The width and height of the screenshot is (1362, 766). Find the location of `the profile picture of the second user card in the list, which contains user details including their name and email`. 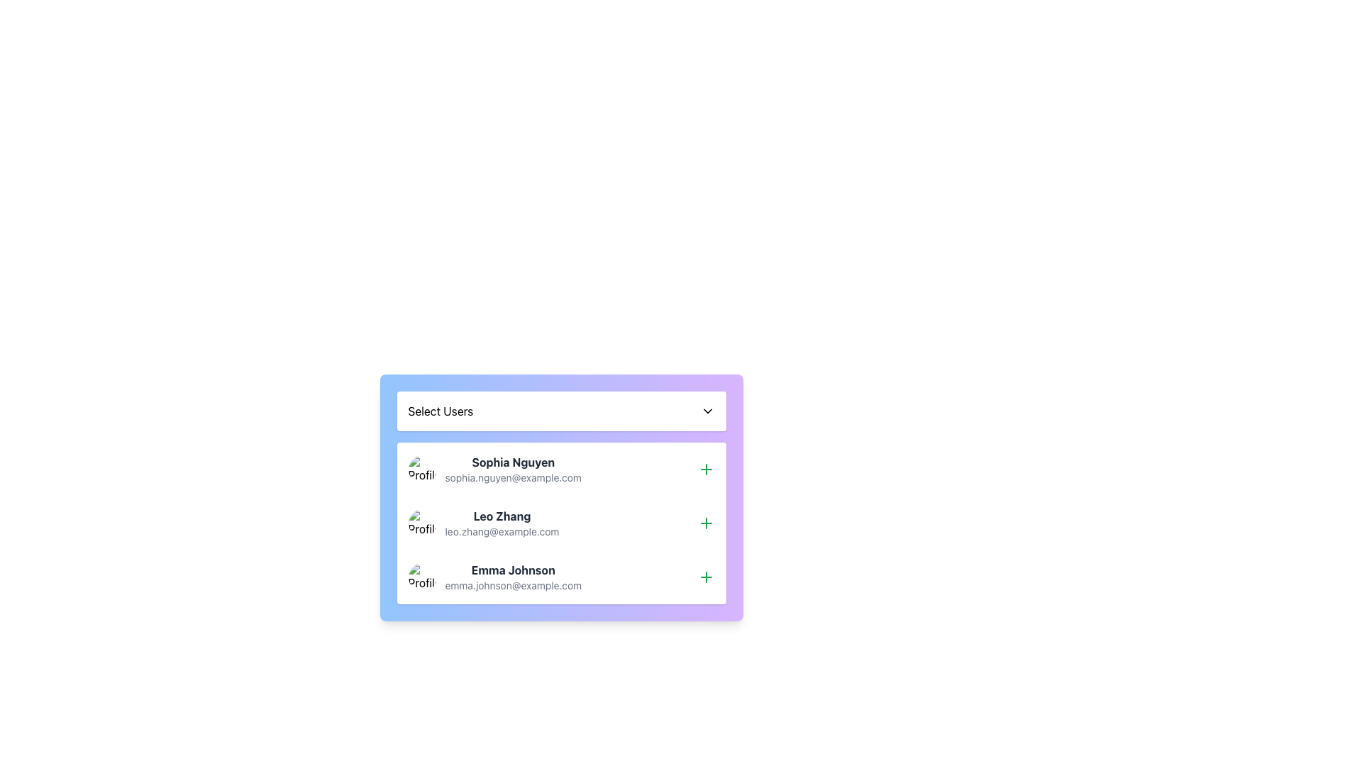

the profile picture of the second user card in the list, which contains user details including their name and email is located at coordinates (560, 523).